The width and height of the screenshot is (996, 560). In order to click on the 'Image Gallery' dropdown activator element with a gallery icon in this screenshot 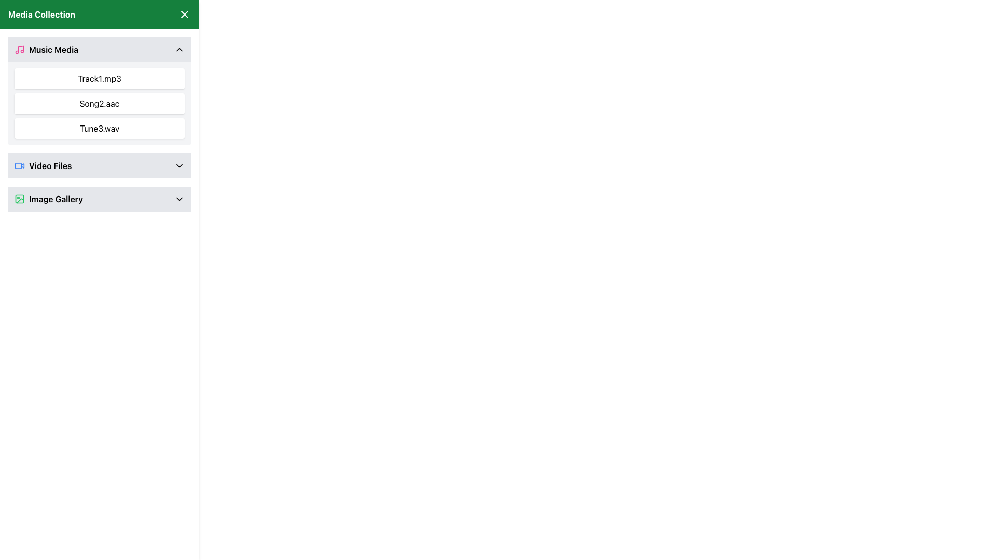, I will do `click(48, 199)`.